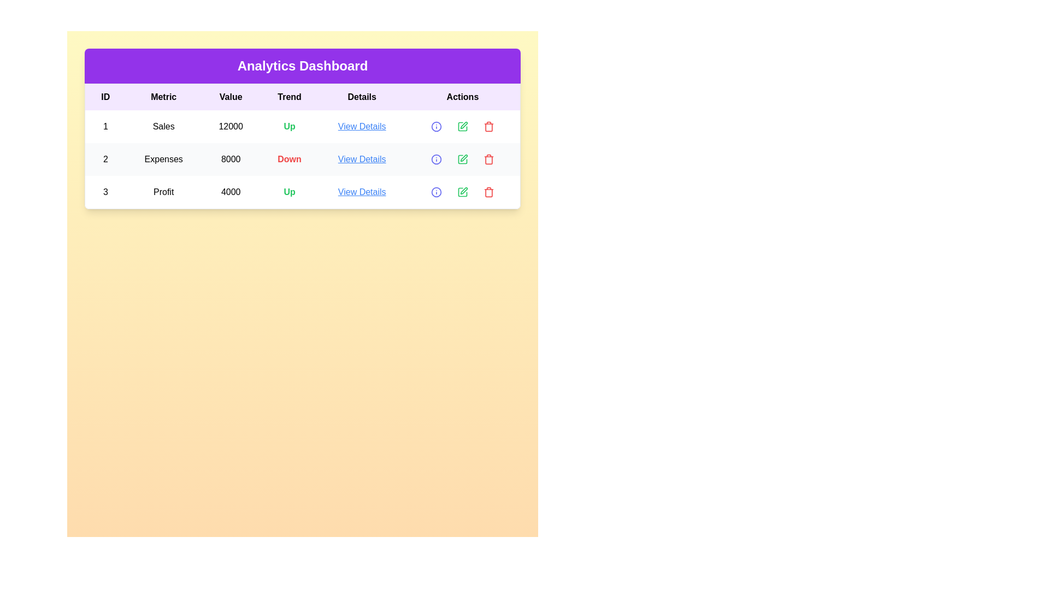  What do you see at coordinates (435, 191) in the screenshot?
I see `the circular icon-based button with a blue outline located in the 'Actions' column of the third row in the table for the 'Profit' metric` at bounding box center [435, 191].